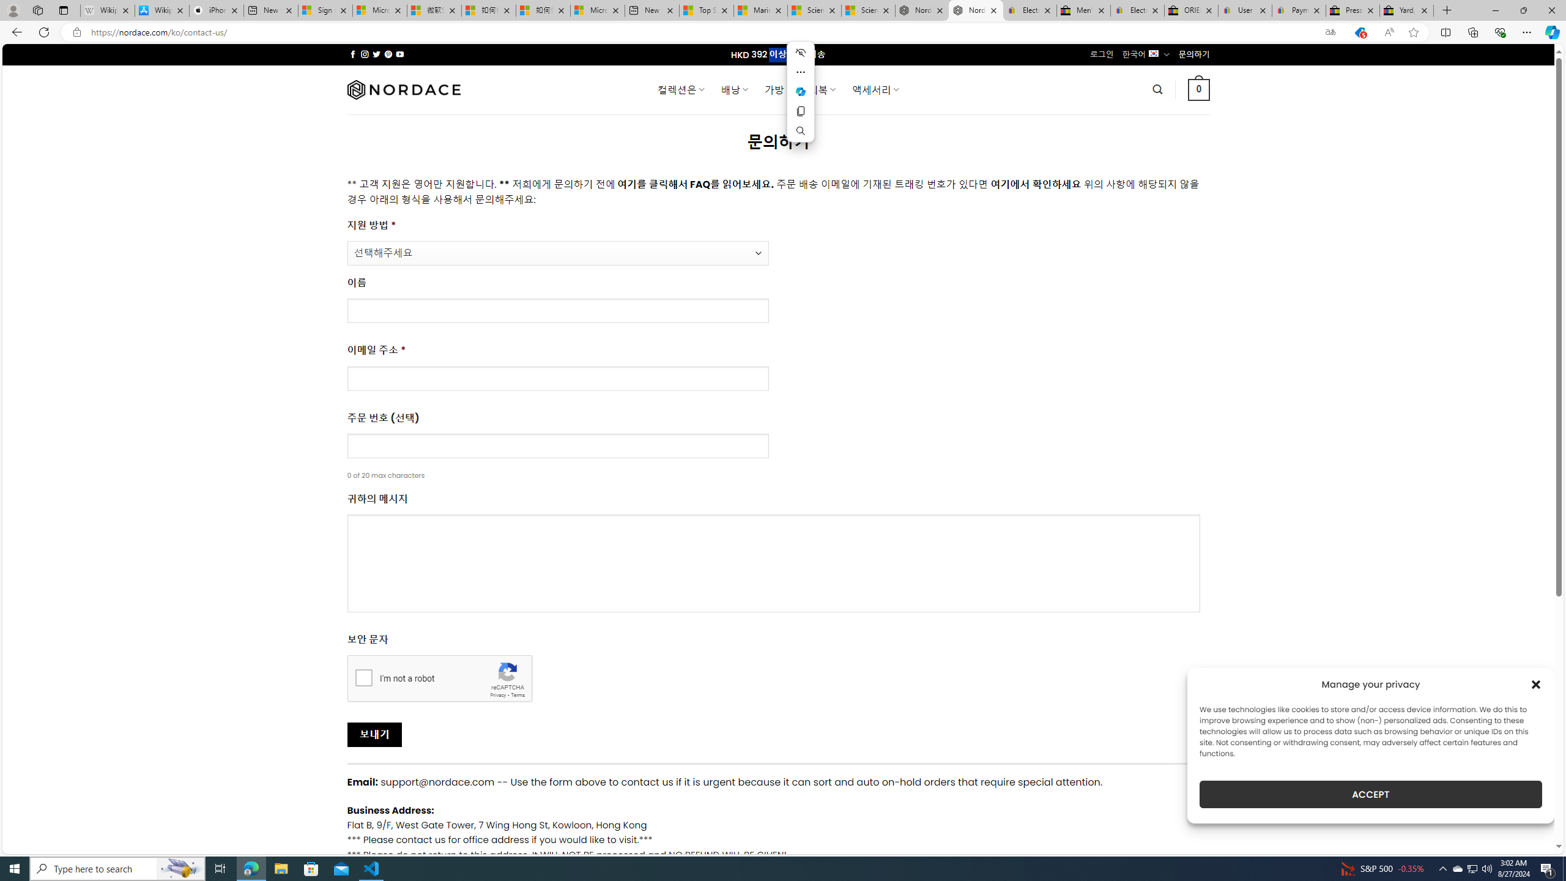 The width and height of the screenshot is (1566, 881). Describe the element at coordinates (1536, 684) in the screenshot. I see `'Class: cmplz-close'` at that location.